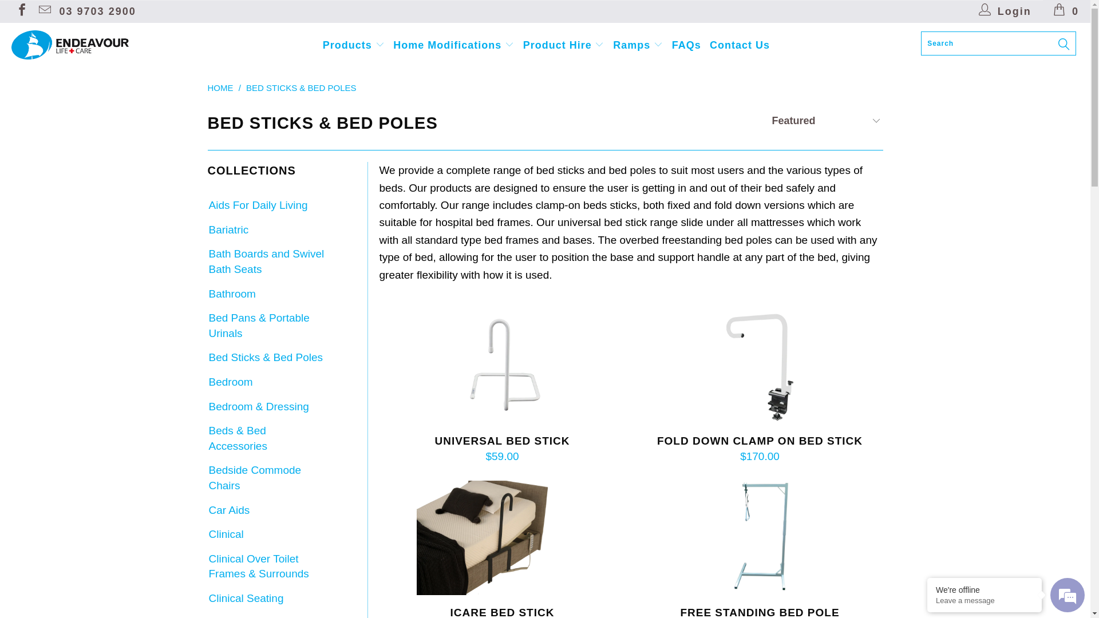 The image size is (1099, 618). Describe the element at coordinates (637, 44) in the screenshot. I see `'Ramps'` at that location.